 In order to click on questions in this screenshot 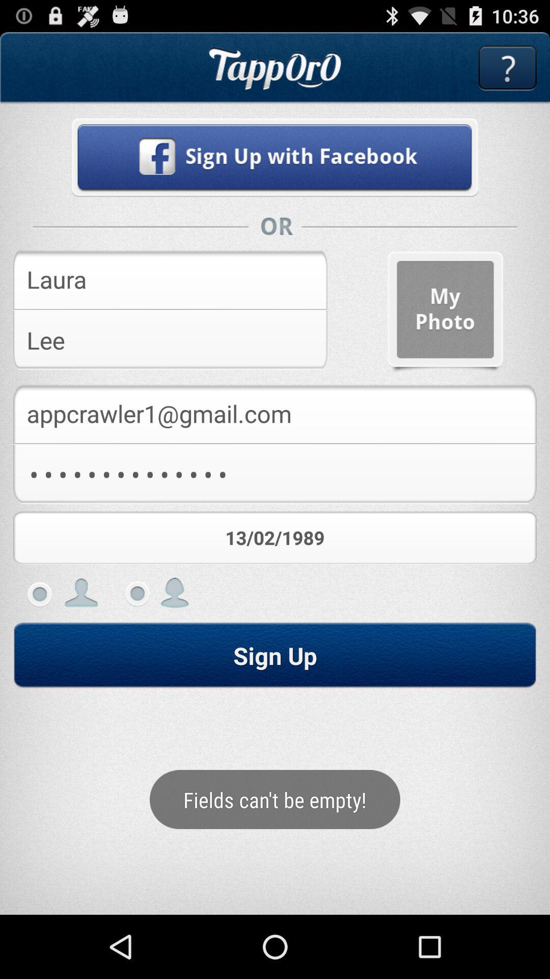, I will do `click(507, 67)`.